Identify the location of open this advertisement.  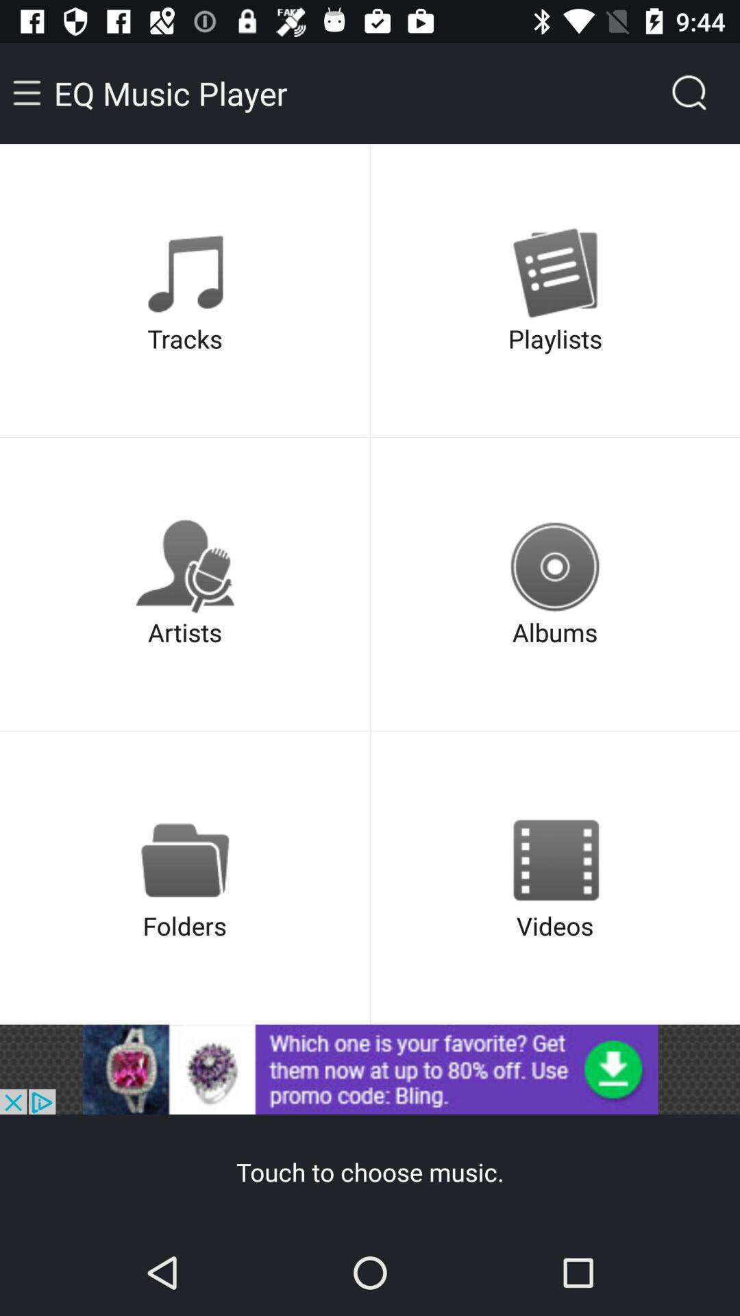
(370, 1069).